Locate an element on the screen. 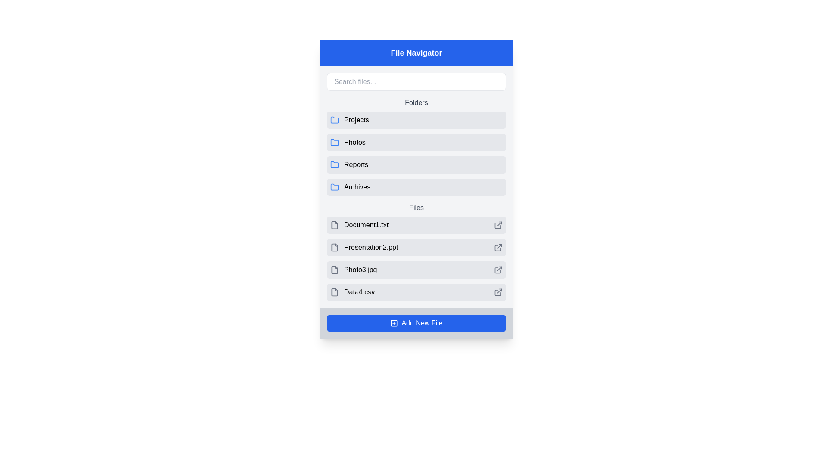 This screenshot has height=465, width=827. the label text associated with the folder entry named 'Photos' is located at coordinates (354, 142).